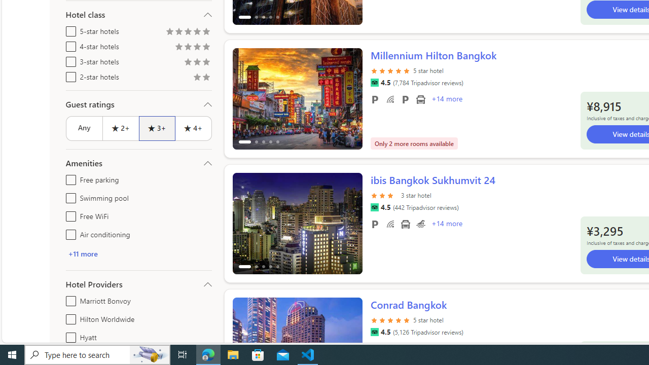 Image resolution: width=649 pixels, height=365 pixels. I want to click on 'Amenities', so click(138, 162).